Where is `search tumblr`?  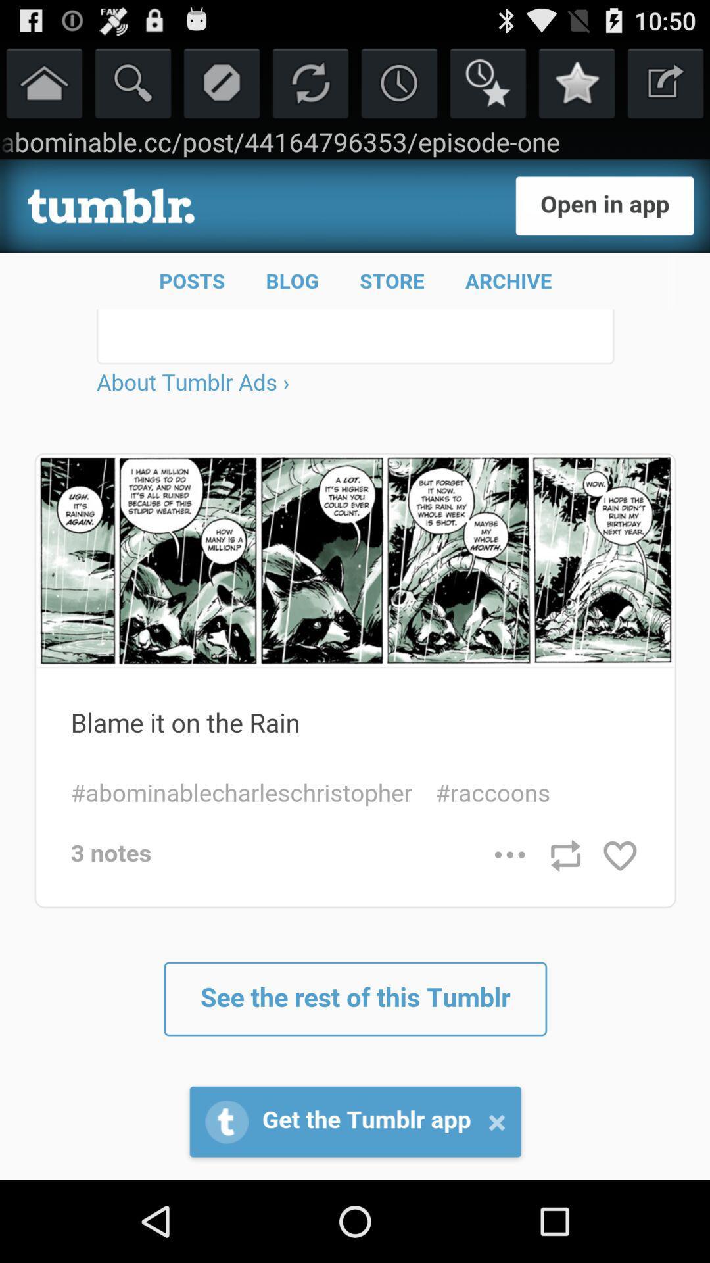 search tumblr is located at coordinates (133, 82).